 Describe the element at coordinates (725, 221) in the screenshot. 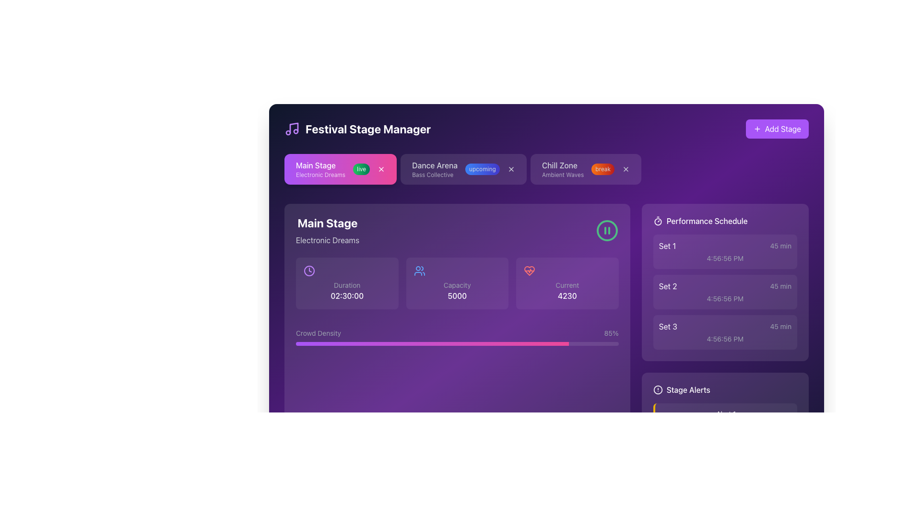

I see `the timer icon adjacent to the 'Performance Schedule' label` at that location.